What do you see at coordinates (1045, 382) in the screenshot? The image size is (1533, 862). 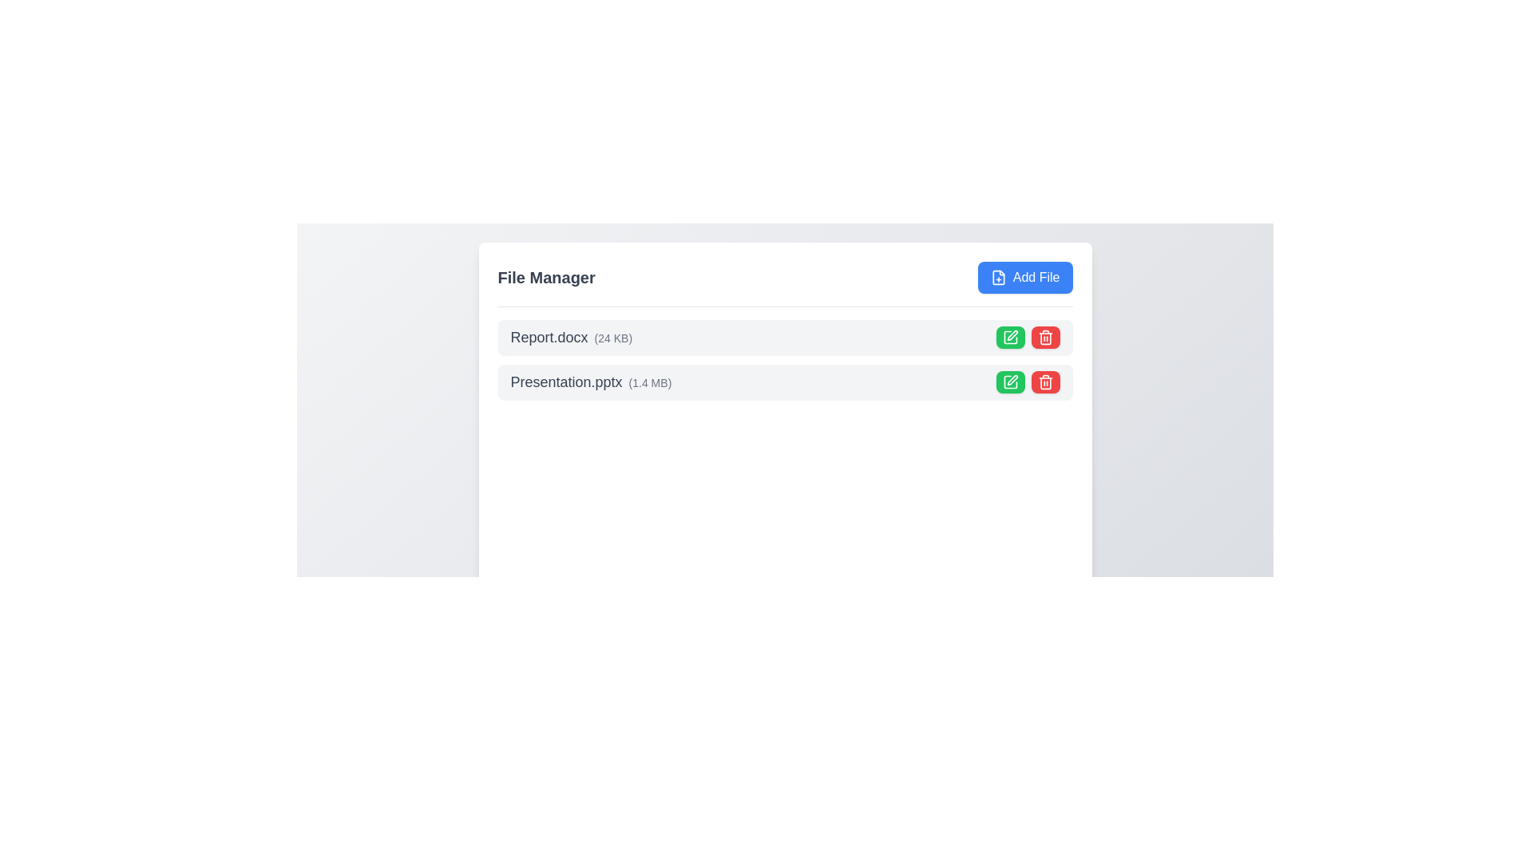 I see `the trash icon button for 'Presentation.pptx (1.4 MB)'` at bounding box center [1045, 382].